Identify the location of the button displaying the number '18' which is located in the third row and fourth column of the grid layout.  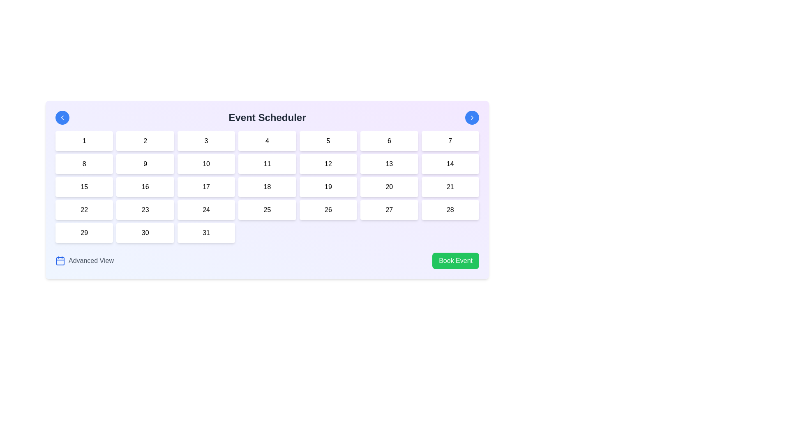
(267, 187).